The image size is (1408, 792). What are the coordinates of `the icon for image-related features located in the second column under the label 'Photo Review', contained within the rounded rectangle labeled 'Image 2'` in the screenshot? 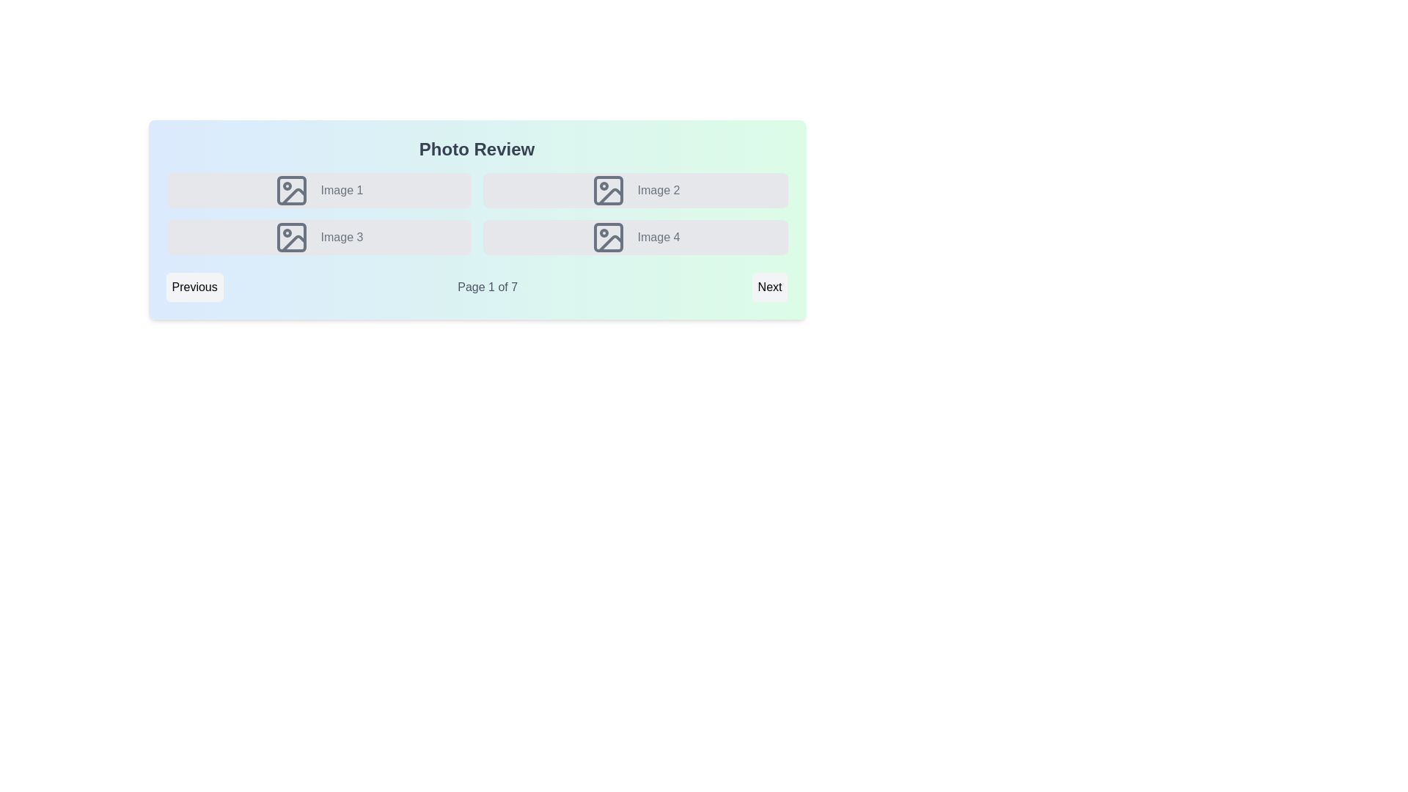 It's located at (608, 189).